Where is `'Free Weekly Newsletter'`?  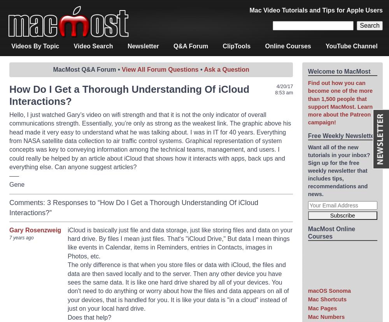 'Free Weekly Newsletter' is located at coordinates (342, 135).